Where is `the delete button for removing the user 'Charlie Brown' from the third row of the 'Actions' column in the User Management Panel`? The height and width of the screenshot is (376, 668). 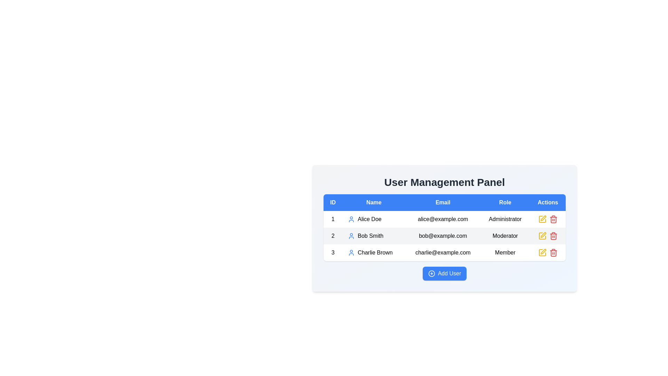
the delete button for removing the user 'Charlie Brown' from the third row of the 'Actions' column in the User Management Panel is located at coordinates (553, 252).